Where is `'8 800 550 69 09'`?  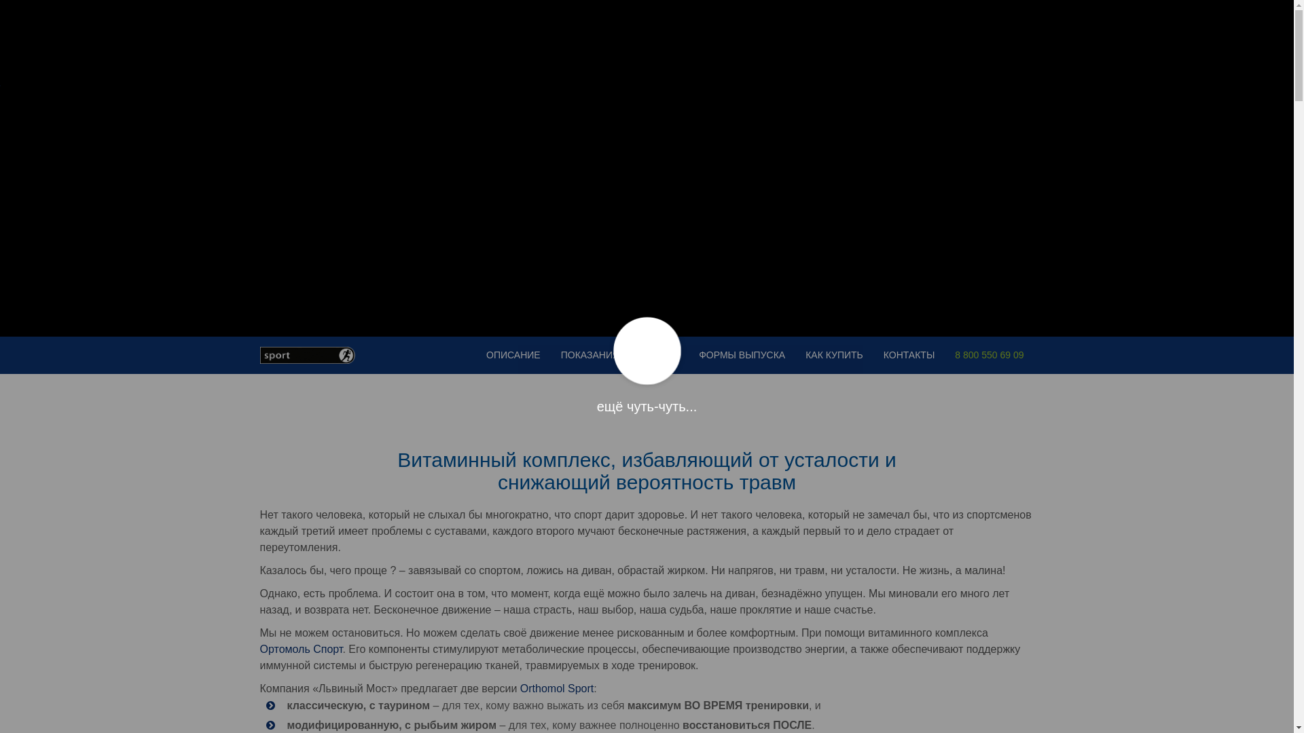
'8 800 550 69 09' is located at coordinates (989, 354).